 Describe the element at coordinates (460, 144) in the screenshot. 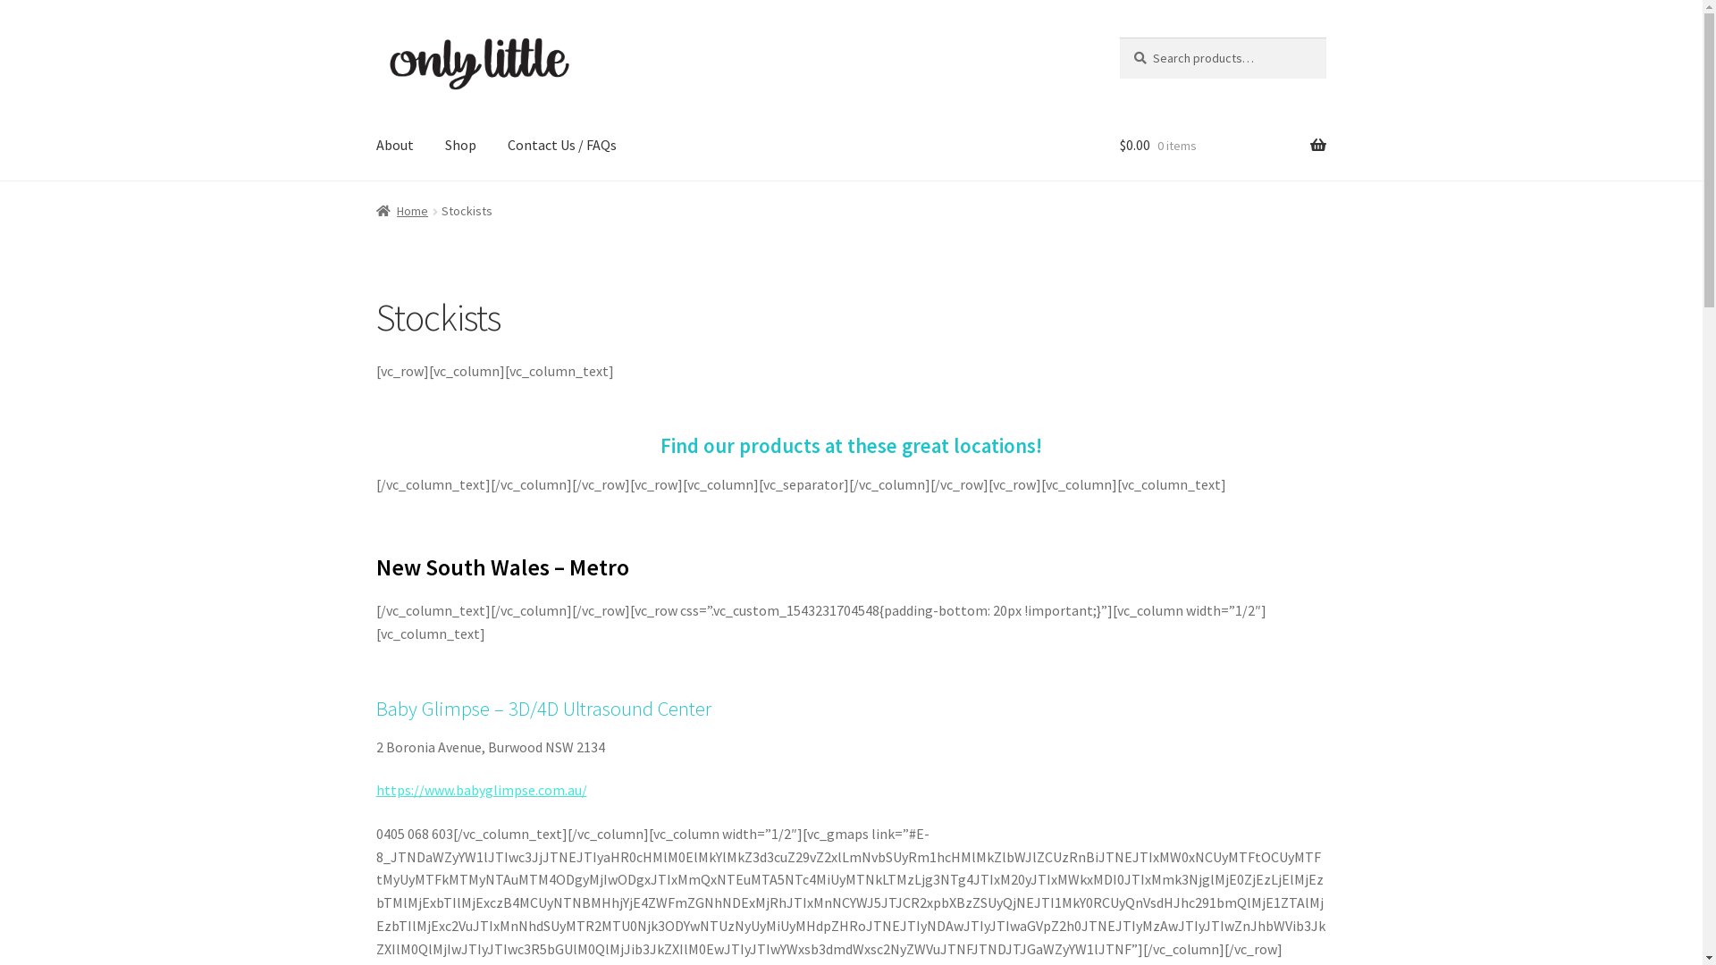

I see `'Shop'` at that location.